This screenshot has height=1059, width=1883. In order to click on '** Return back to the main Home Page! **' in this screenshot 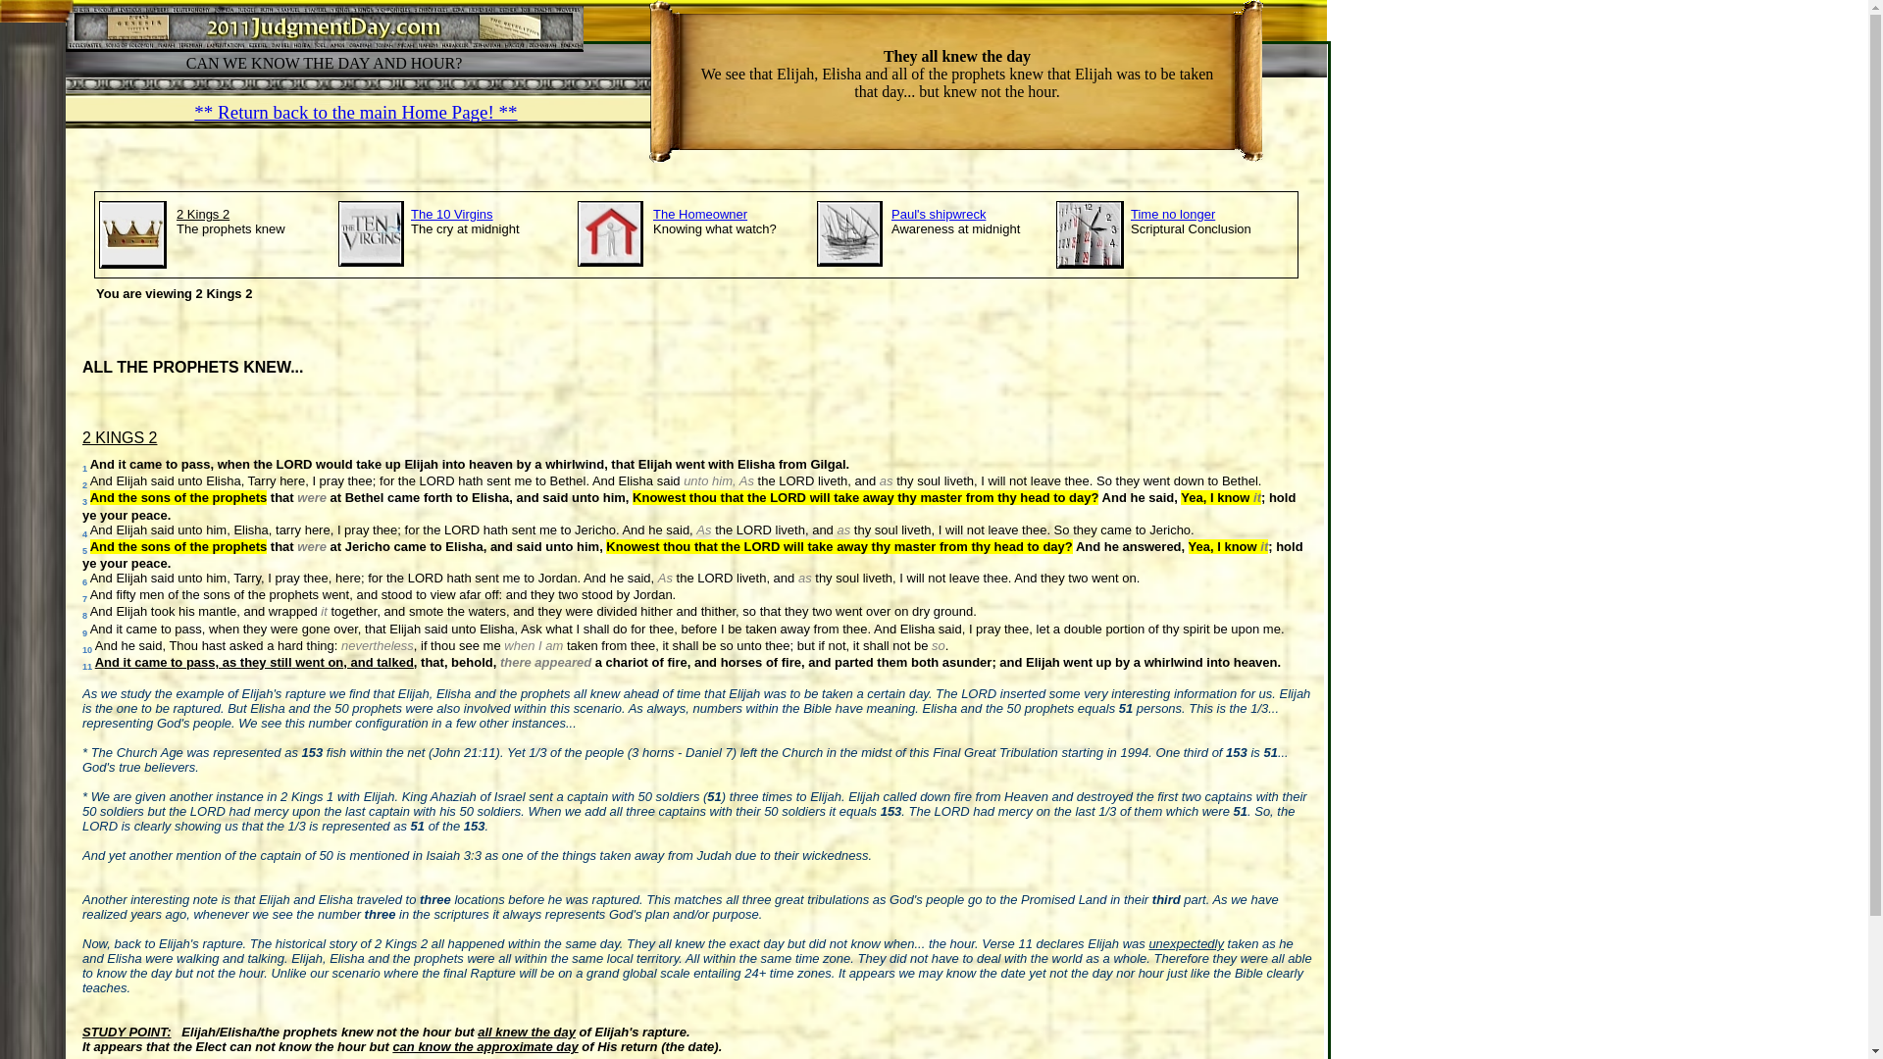, I will do `click(355, 112)`.